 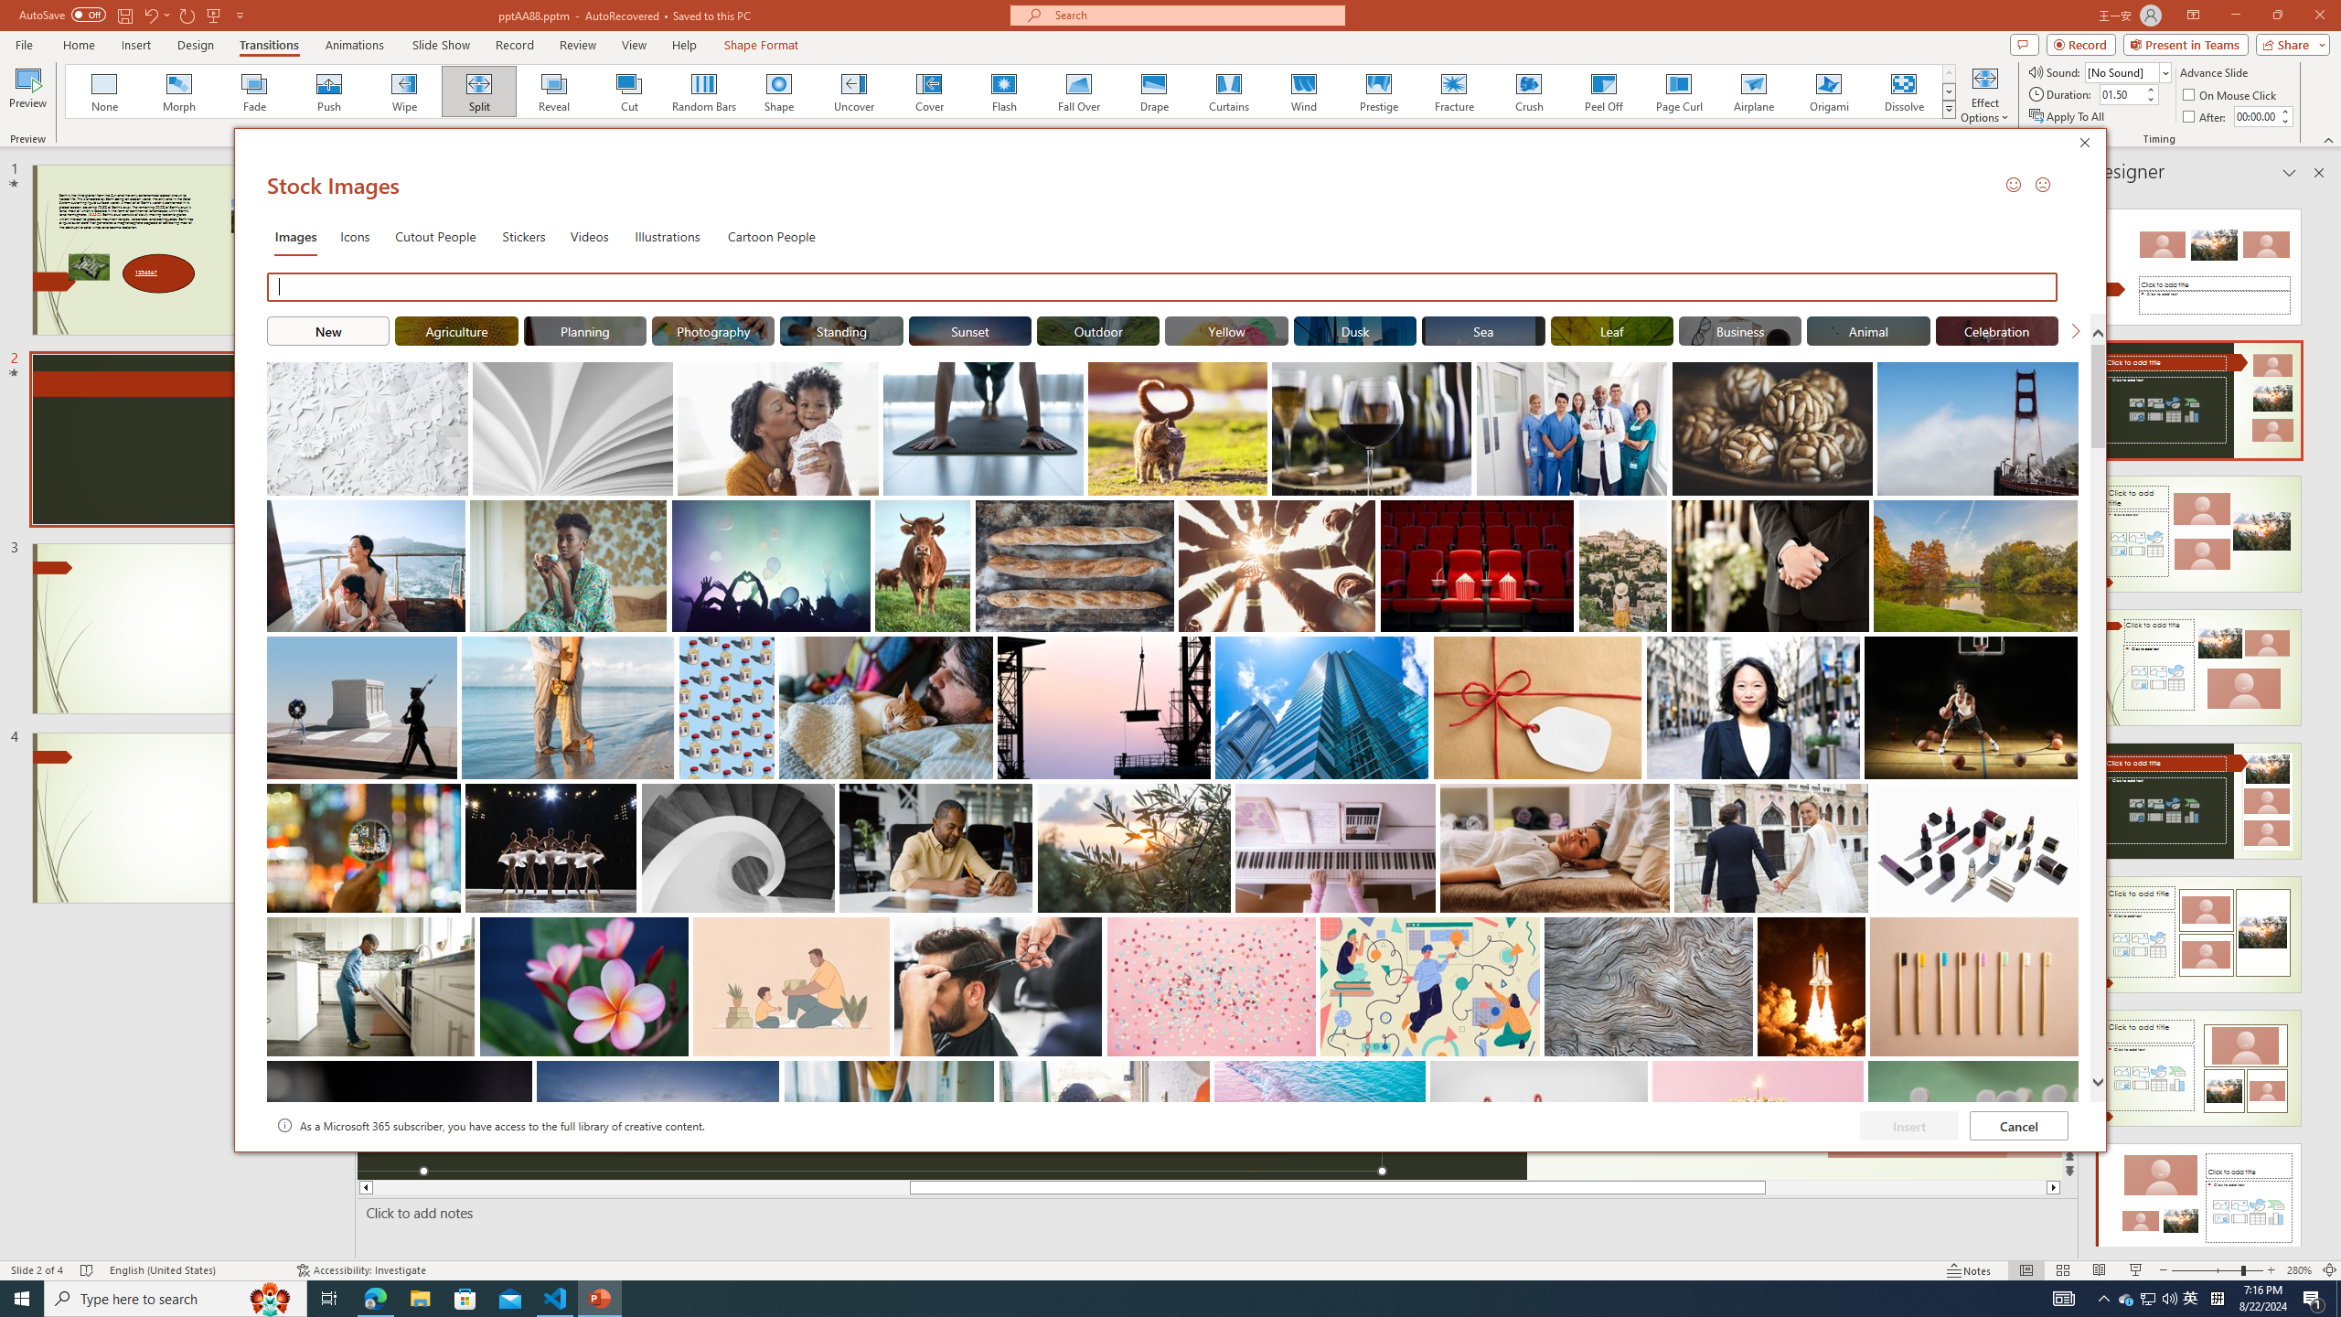 I want to click on 'Peel Off', so click(x=1602, y=91).